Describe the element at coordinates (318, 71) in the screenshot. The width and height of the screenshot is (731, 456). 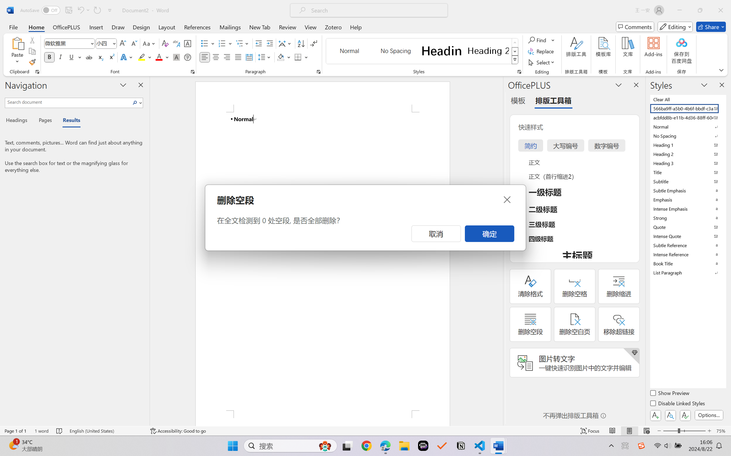
I see `'Paragraph...'` at that location.